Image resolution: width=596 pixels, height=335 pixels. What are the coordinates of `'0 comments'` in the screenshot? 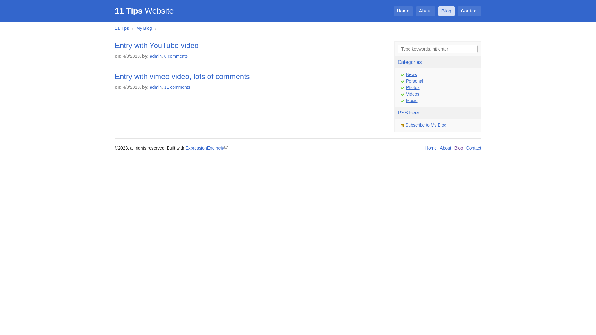 It's located at (175, 56).